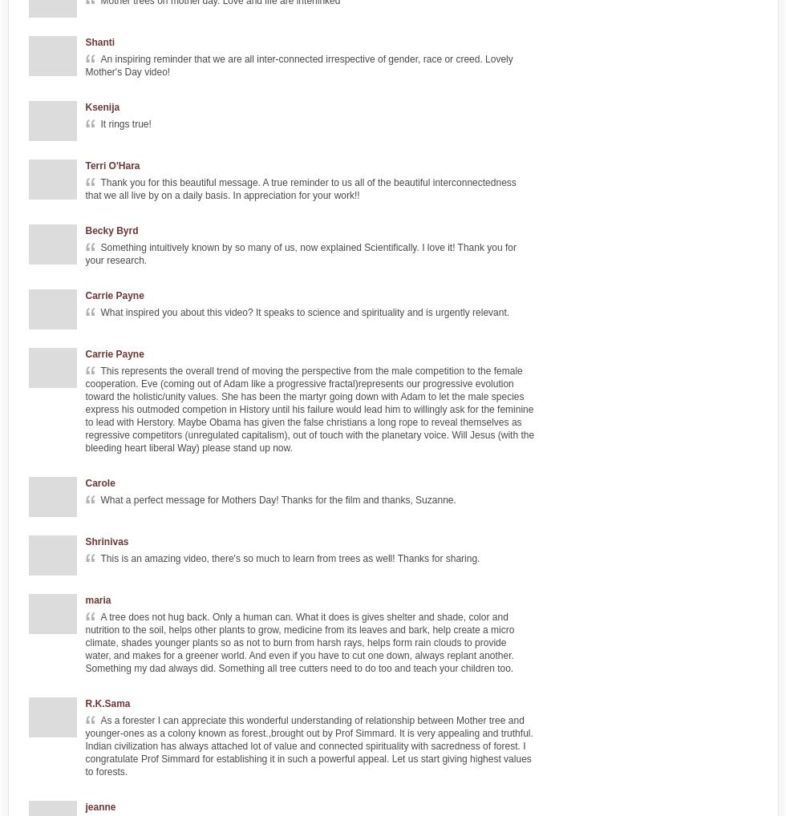  Describe the element at coordinates (125, 124) in the screenshot. I see `'It rings true!'` at that location.